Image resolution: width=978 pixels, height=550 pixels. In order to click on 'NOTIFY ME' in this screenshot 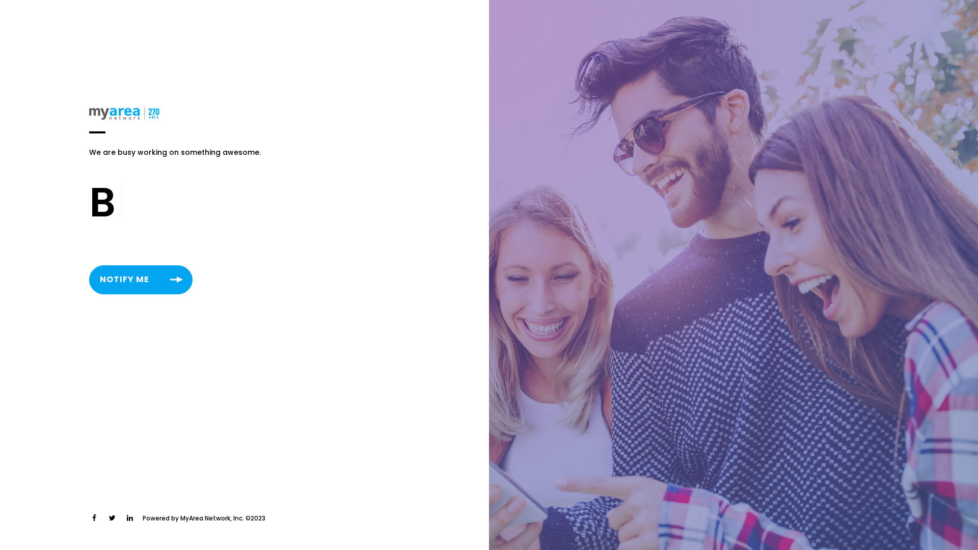, I will do `click(89, 280)`.